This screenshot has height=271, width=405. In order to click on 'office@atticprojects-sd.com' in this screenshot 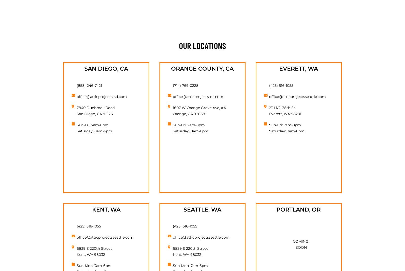, I will do `click(101, 96)`.